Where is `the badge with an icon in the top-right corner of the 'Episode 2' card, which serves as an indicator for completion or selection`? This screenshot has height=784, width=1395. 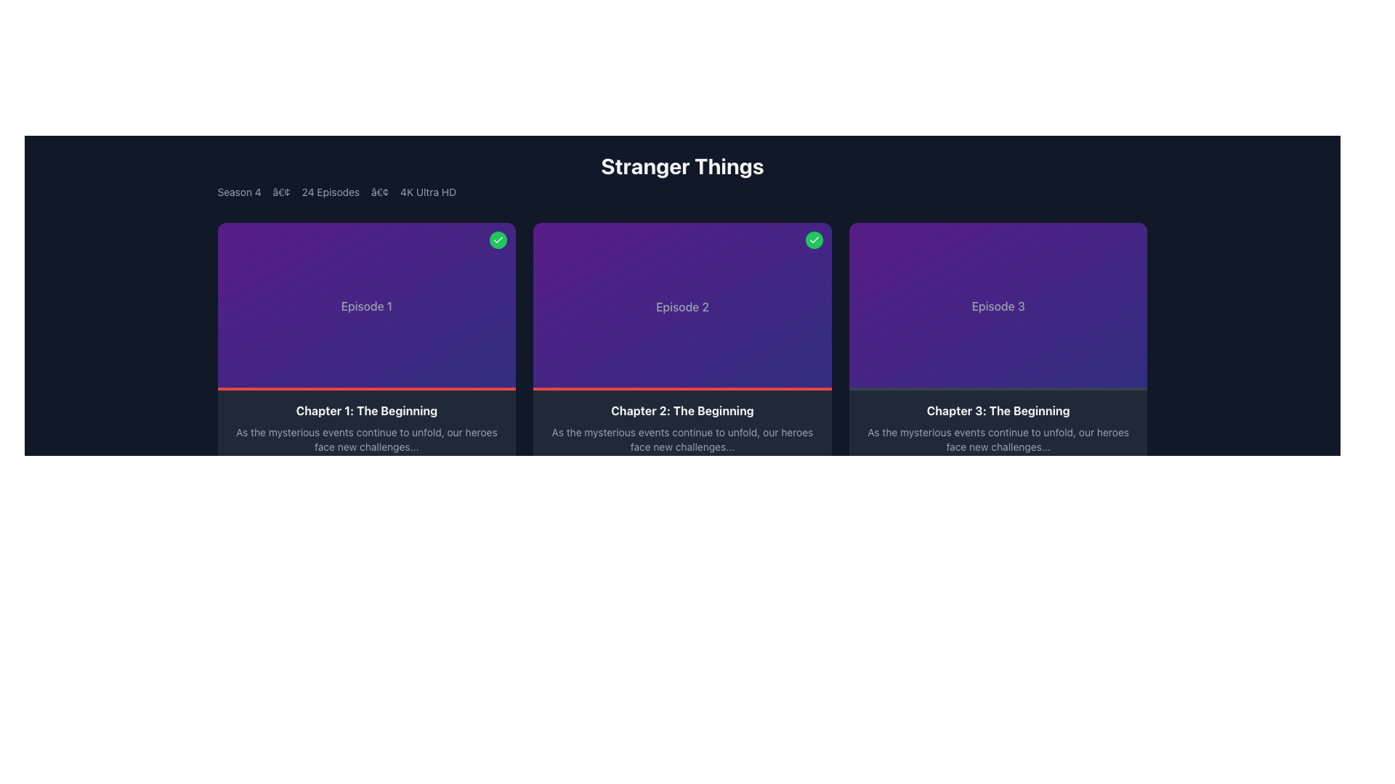
the badge with an icon in the top-right corner of the 'Episode 2' card, which serves as an indicator for completion or selection is located at coordinates (814, 240).